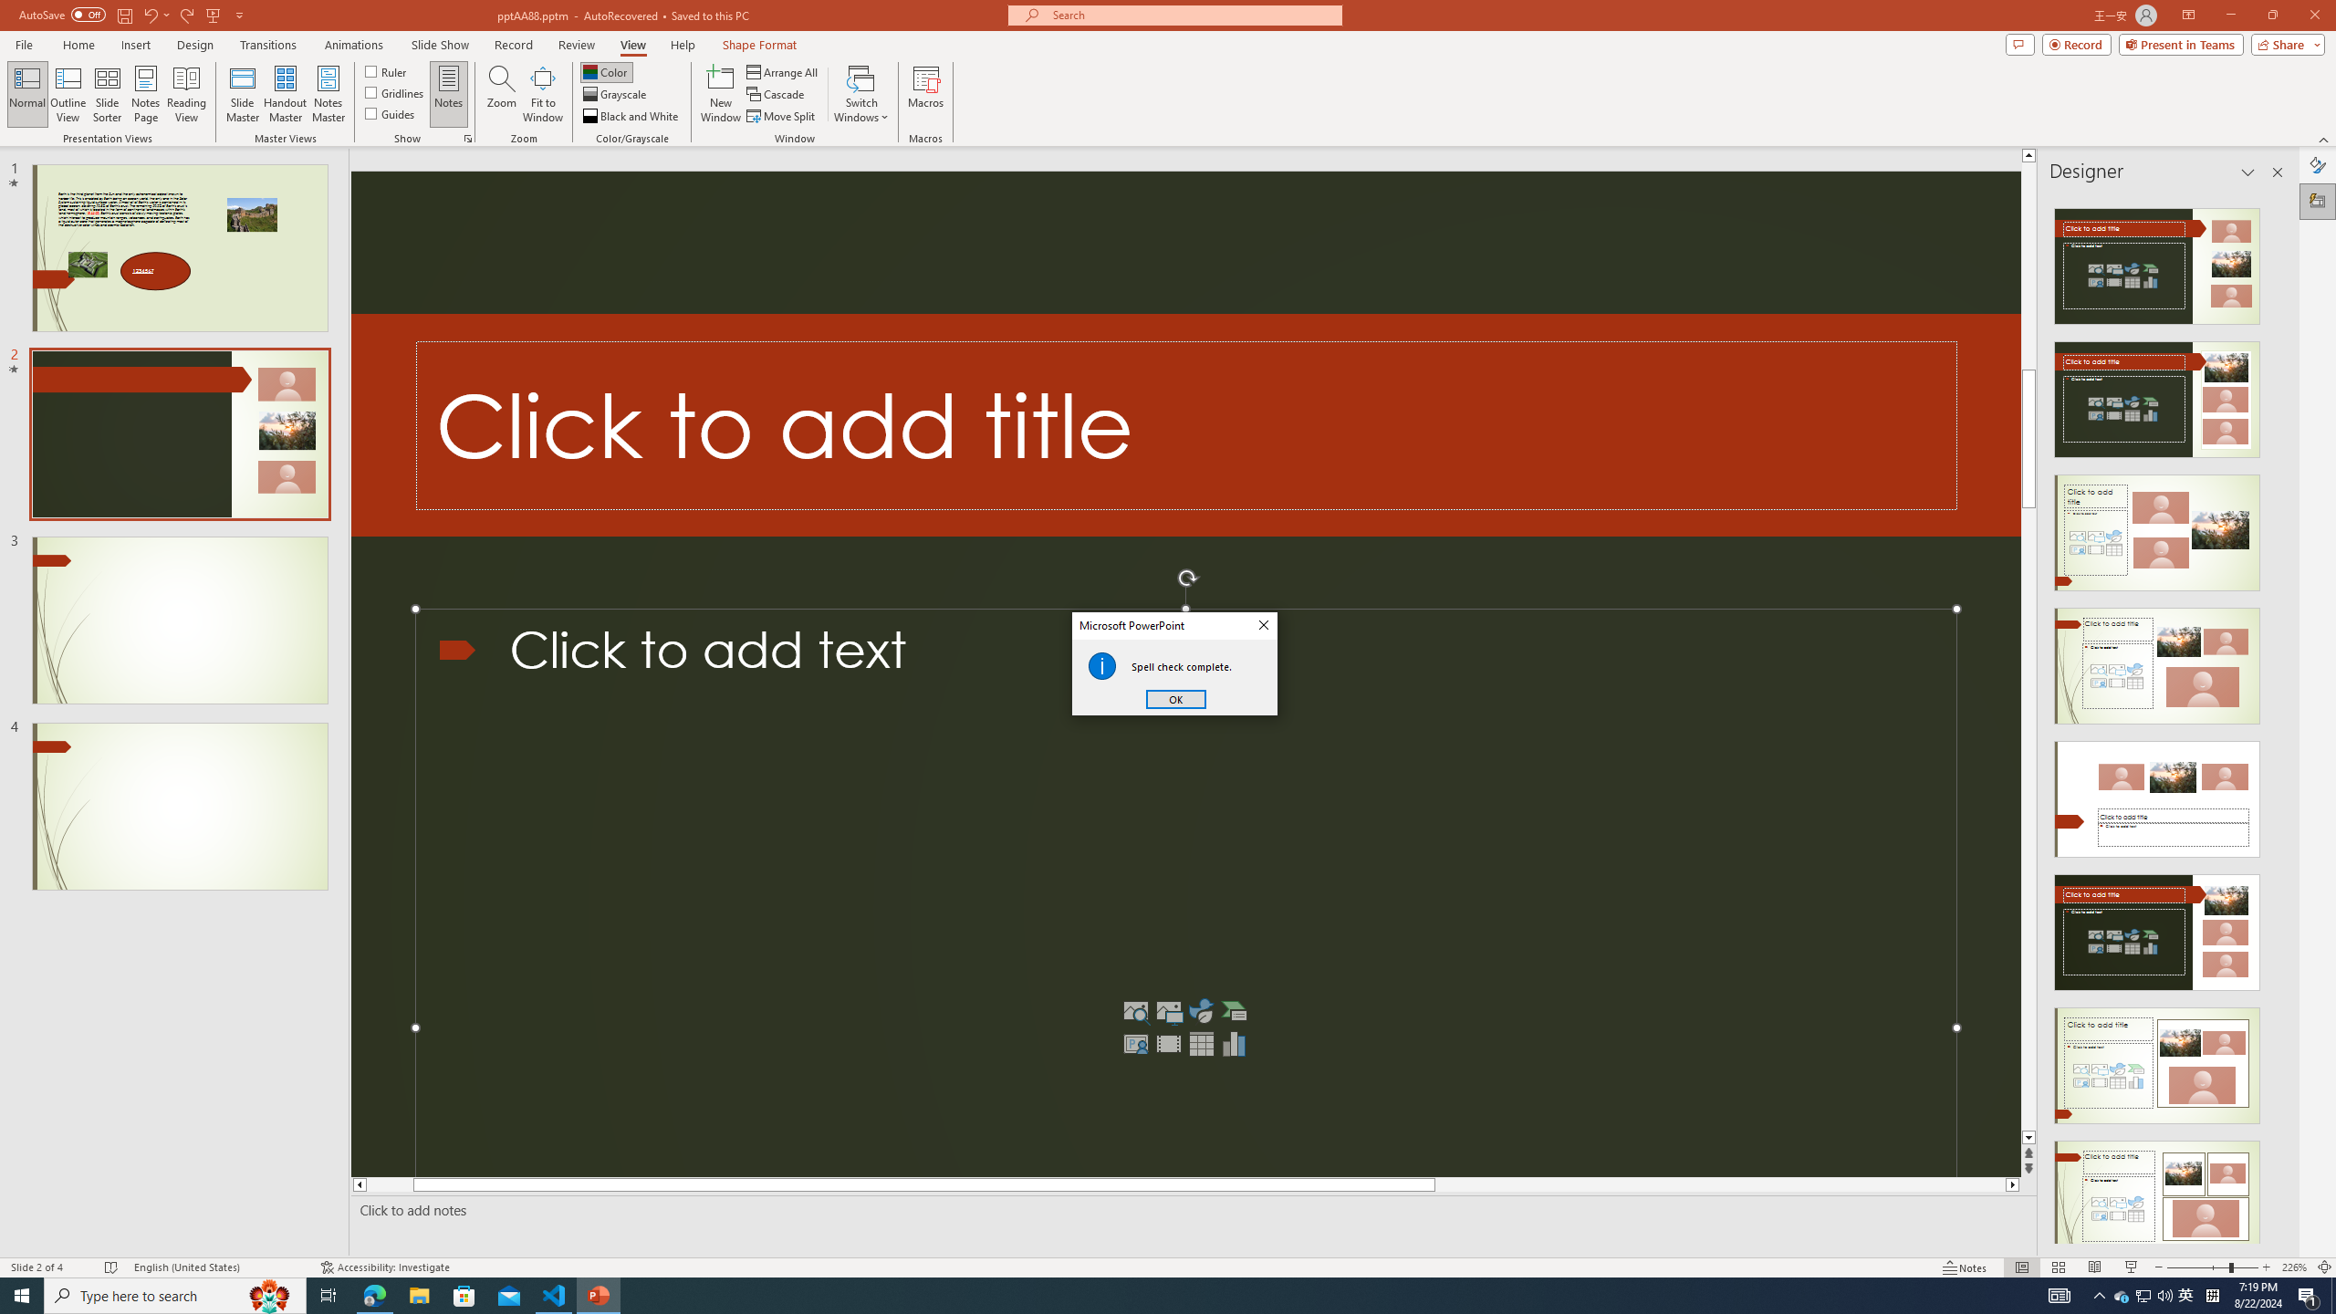 This screenshot has height=1314, width=2336. What do you see at coordinates (145, 94) in the screenshot?
I see `'Notes Page'` at bounding box center [145, 94].